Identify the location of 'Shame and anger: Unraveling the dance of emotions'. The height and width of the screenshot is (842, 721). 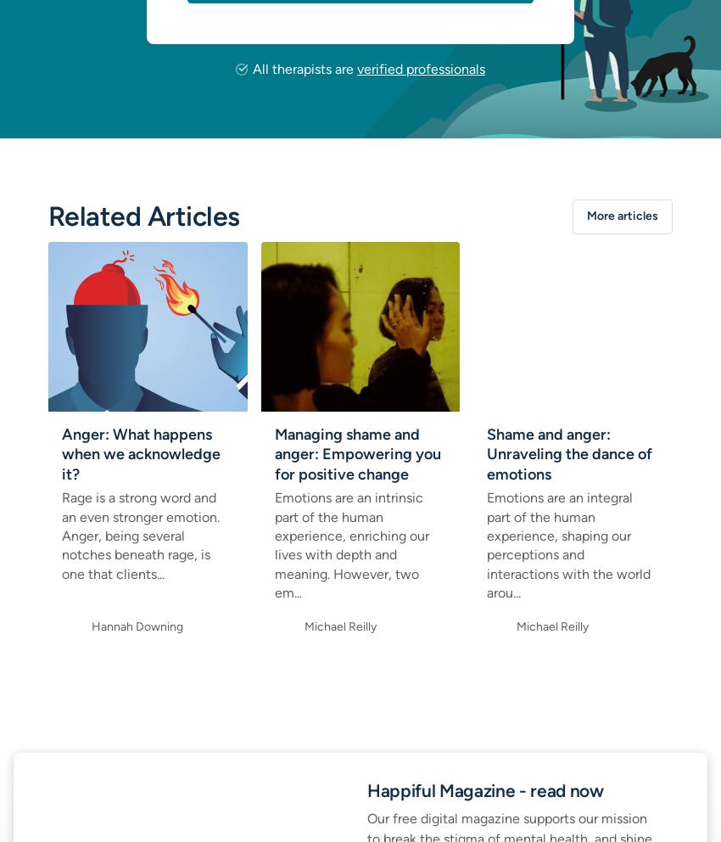
(569, 452).